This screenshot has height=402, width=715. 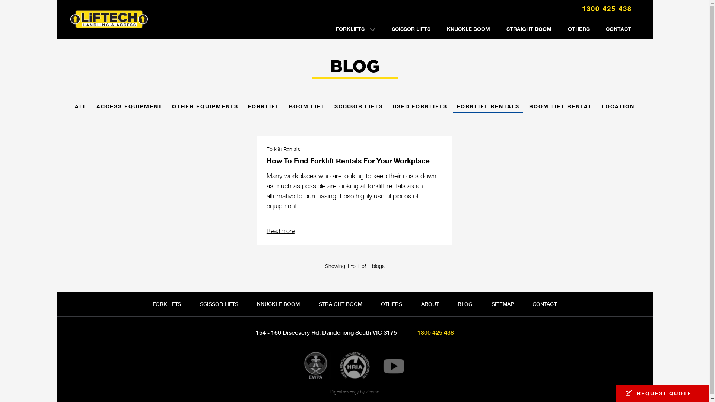 What do you see at coordinates (280, 230) in the screenshot?
I see `'Read more'` at bounding box center [280, 230].